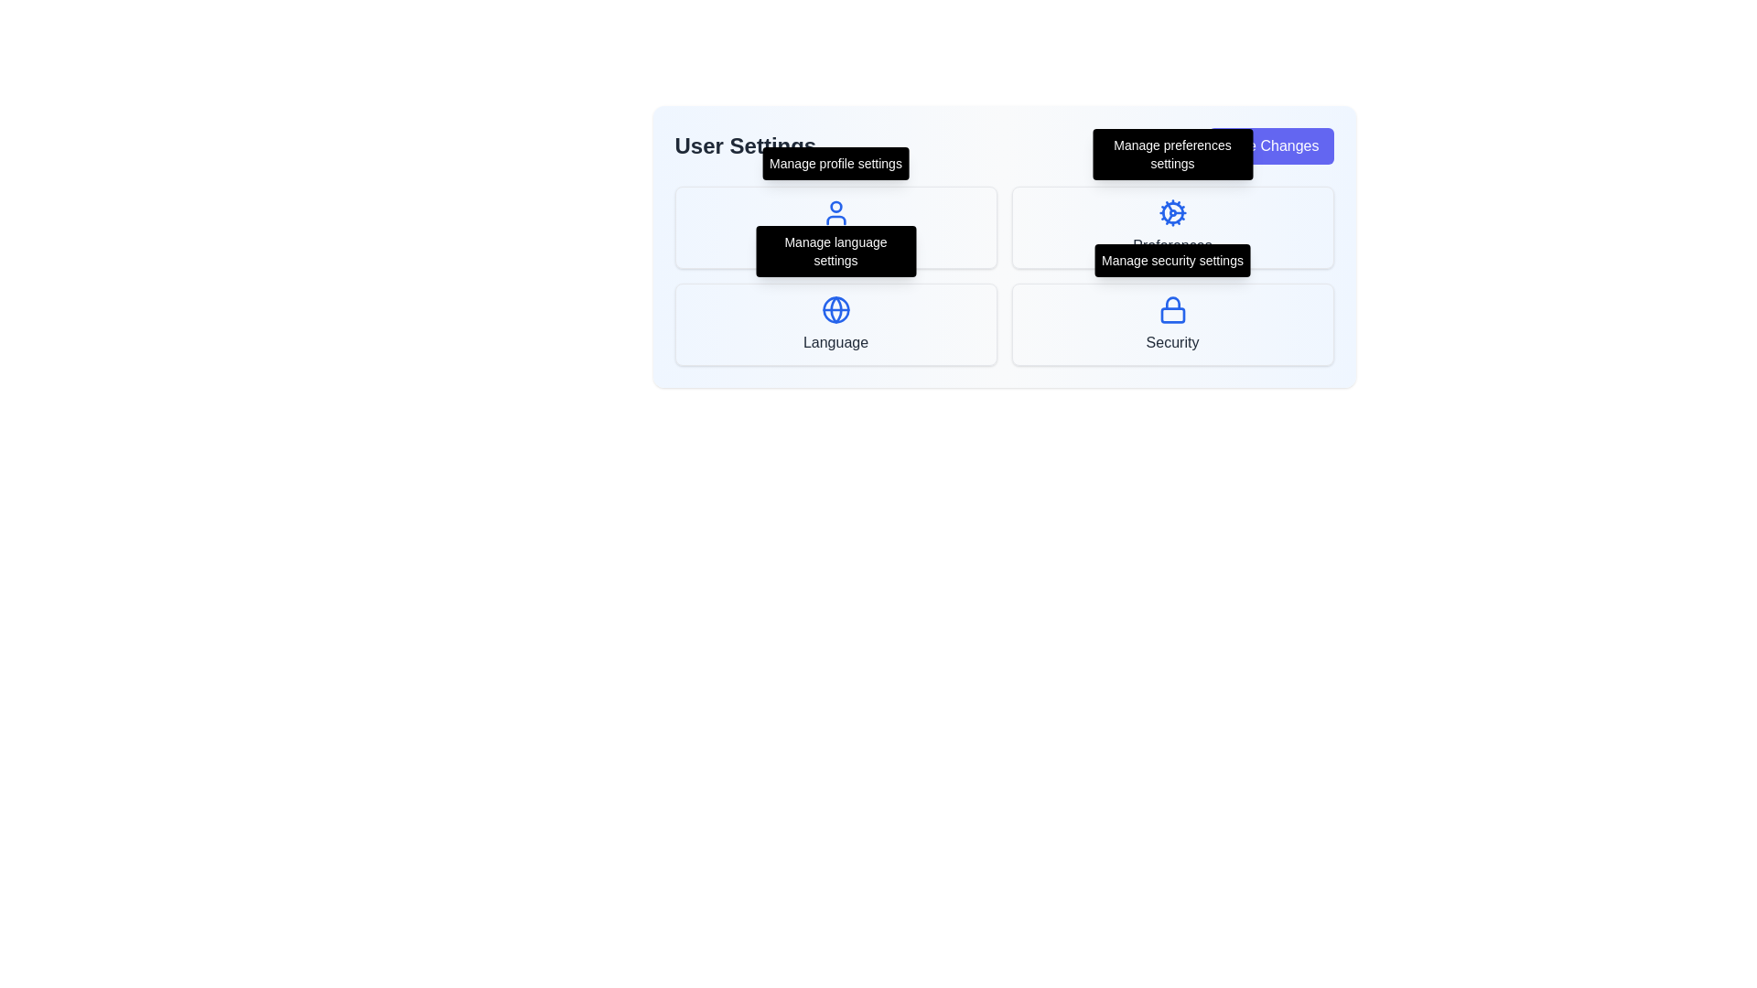 This screenshot has width=1757, height=988. I want to click on the blue globe icon located above the 'Language' label in the 'User Settings' section, so click(835, 309).